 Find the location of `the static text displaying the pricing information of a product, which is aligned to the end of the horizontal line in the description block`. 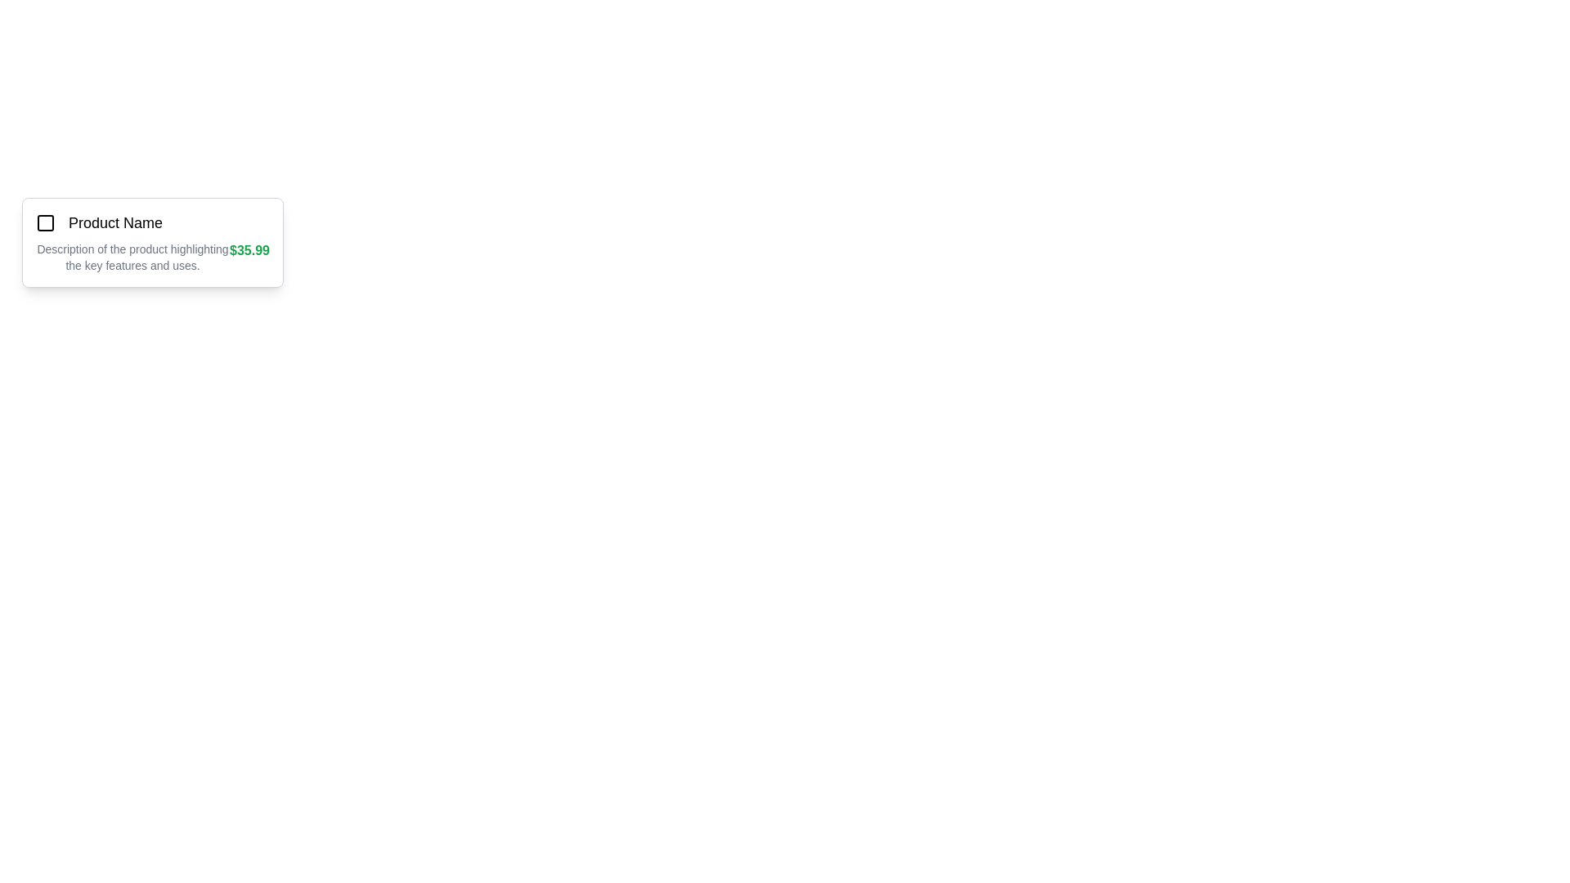

the static text displaying the pricing information of a product, which is aligned to the end of the horizontal line in the description block is located at coordinates (249, 258).